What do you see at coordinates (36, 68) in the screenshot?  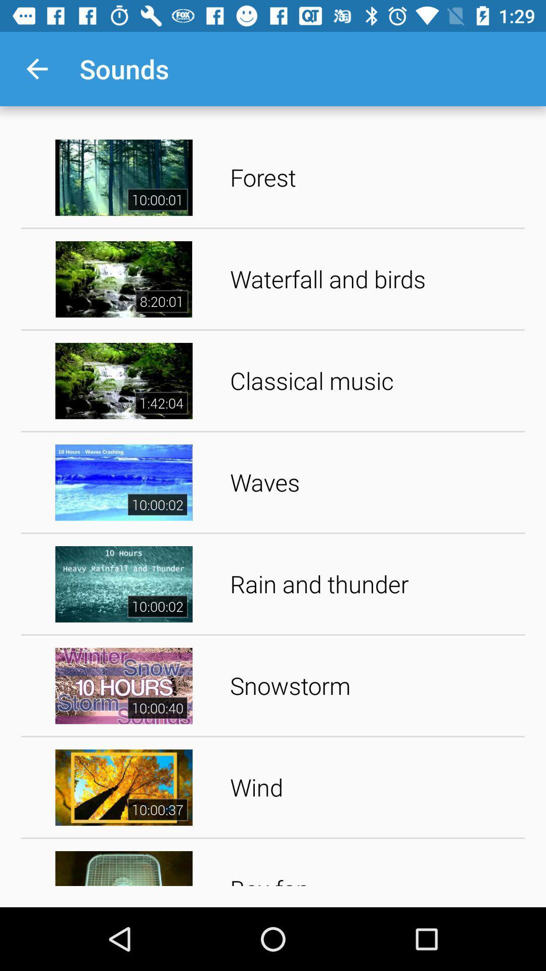 I see `the item to the left of sounds` at bounding box center [36, 68].